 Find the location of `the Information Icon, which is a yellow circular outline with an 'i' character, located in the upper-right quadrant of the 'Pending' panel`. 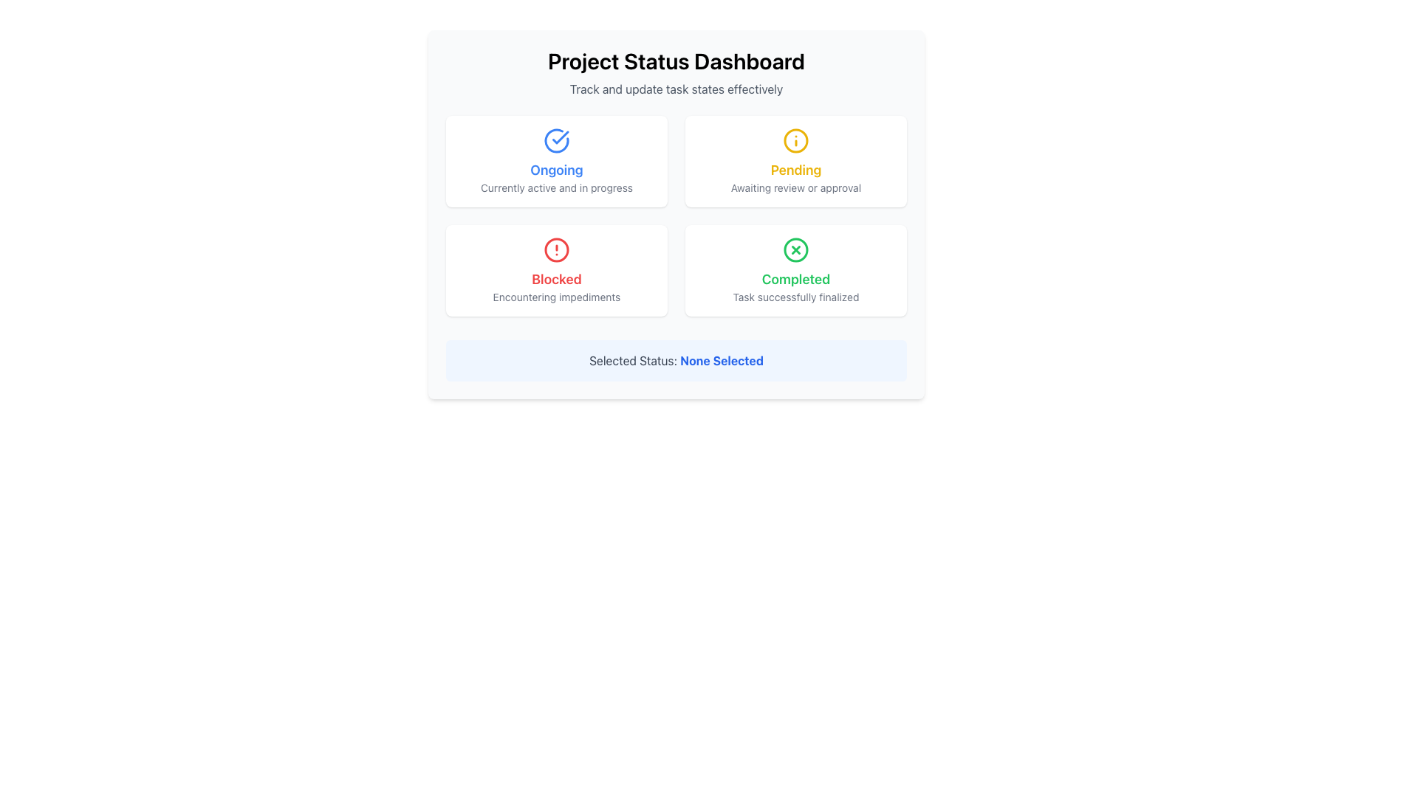

the Information Icon, which is a yellow circular outline with an 'i' character, located in the upper-right quadrant of the 'Pending' panel is located at coordinates (795, 141).